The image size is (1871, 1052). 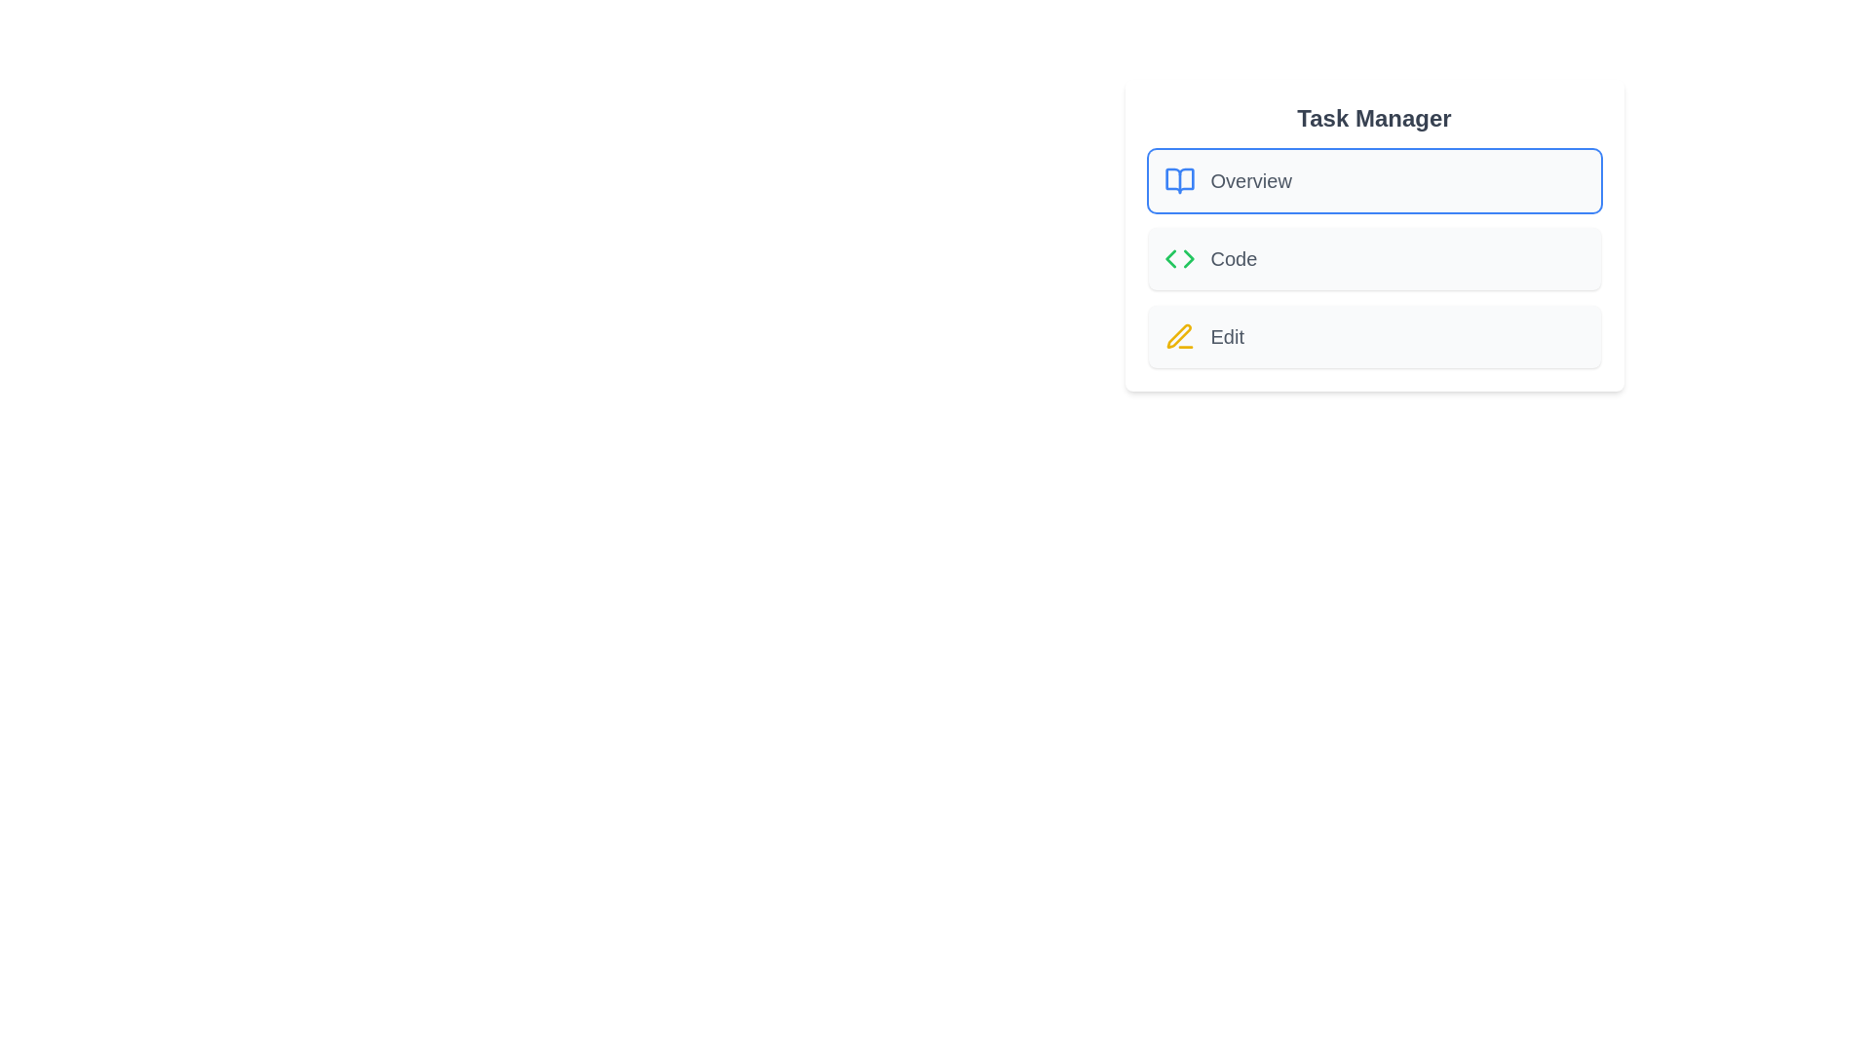 I want to click on the small upward-pointing triangular graphic located to the right and slightly above the first triangle within the green code-themed SVG icon, next to the 'Code' label, so click(x=1187, y=258).